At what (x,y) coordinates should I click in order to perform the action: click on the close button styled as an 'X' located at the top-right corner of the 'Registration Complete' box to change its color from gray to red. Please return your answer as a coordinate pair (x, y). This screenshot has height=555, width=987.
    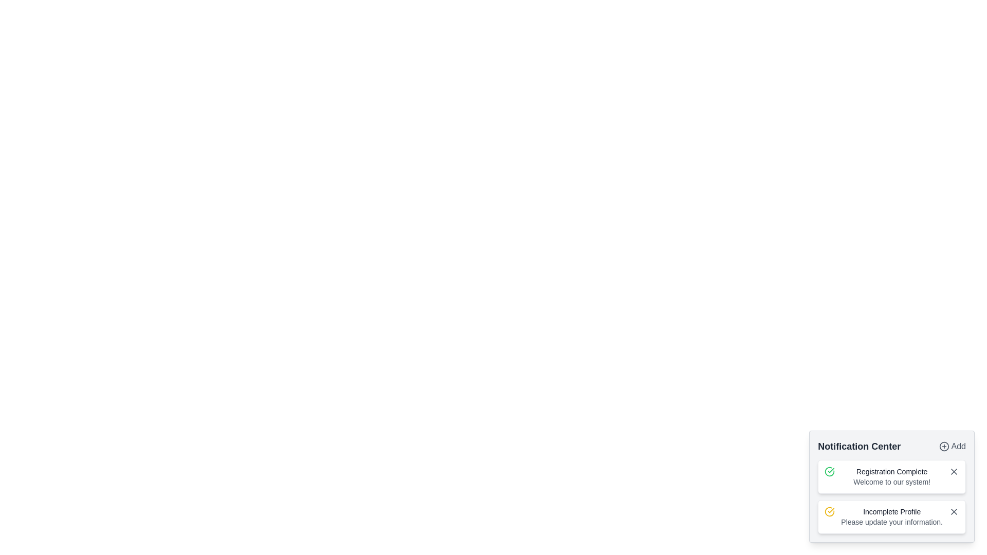
    Looking at the image, I should click on (954, 472).